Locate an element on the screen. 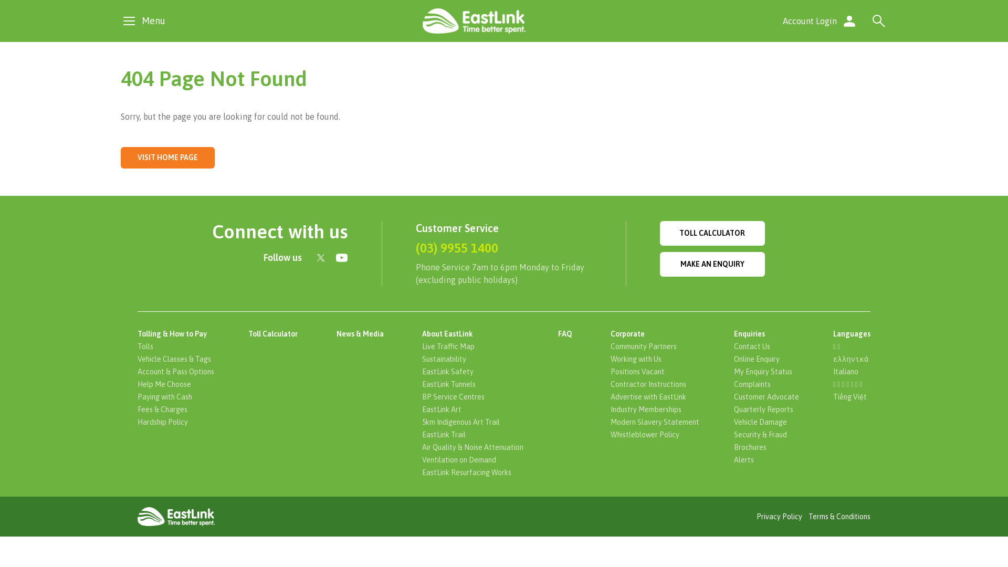 Image resolution: width=1008 pixels, height=567 pixels. 'TOLL CALCULATOR' is located at coordinates (712, 233).